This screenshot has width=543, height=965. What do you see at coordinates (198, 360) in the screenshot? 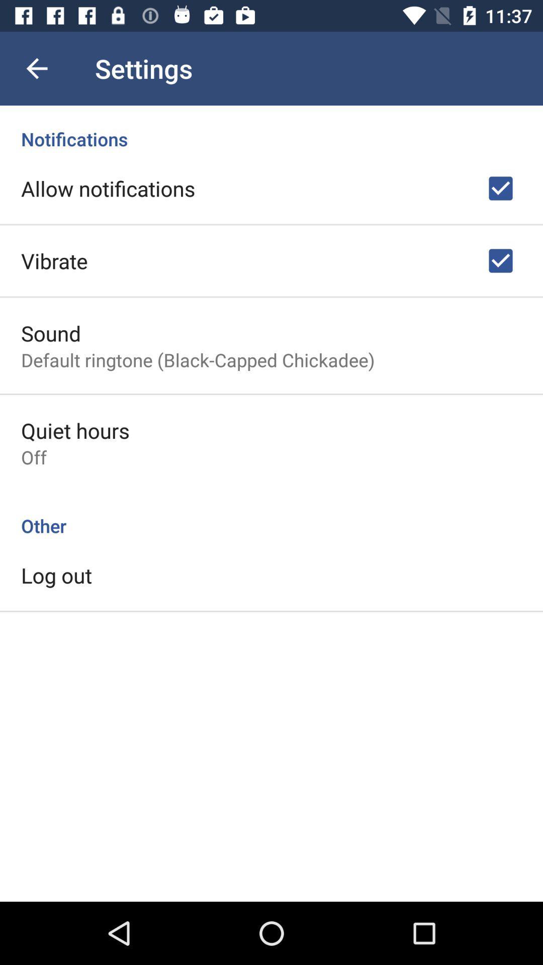
I see `icon below the sound item` at bounding box center [198, 360].